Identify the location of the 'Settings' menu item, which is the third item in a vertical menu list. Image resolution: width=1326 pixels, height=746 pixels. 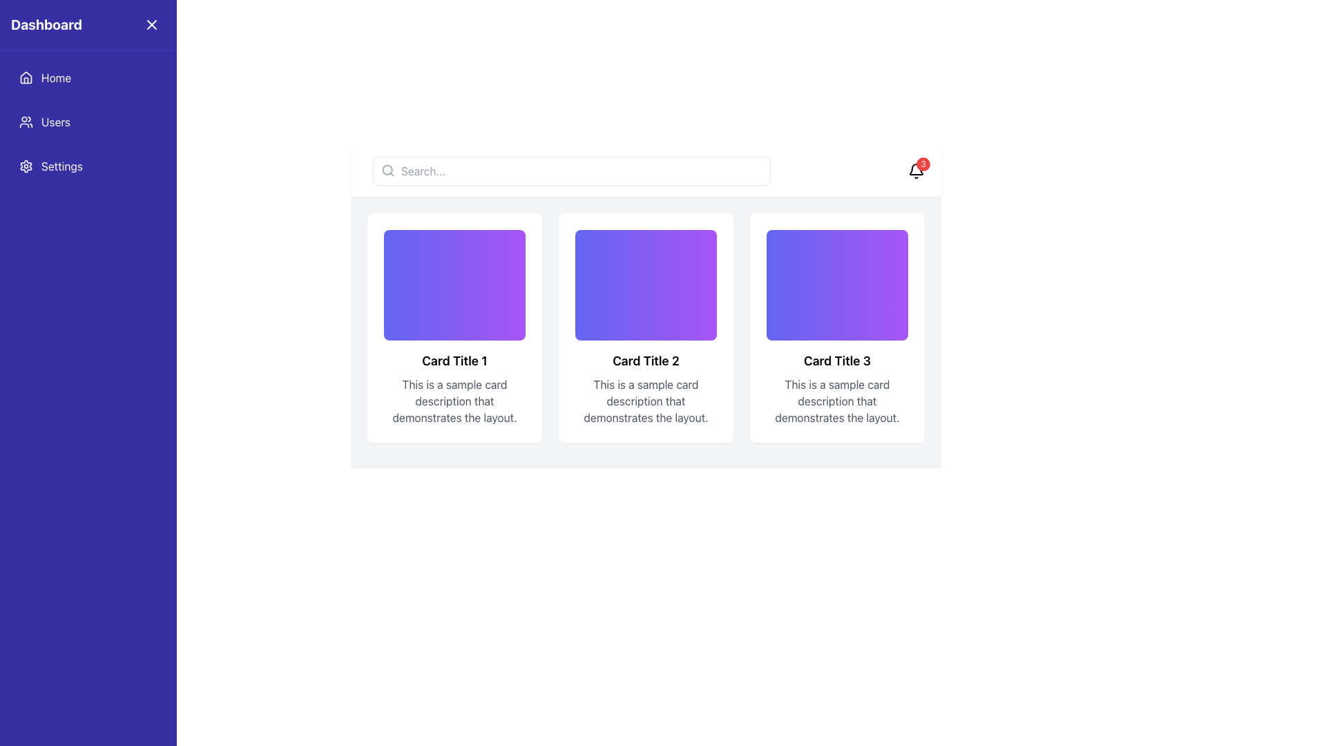
(88, 165).